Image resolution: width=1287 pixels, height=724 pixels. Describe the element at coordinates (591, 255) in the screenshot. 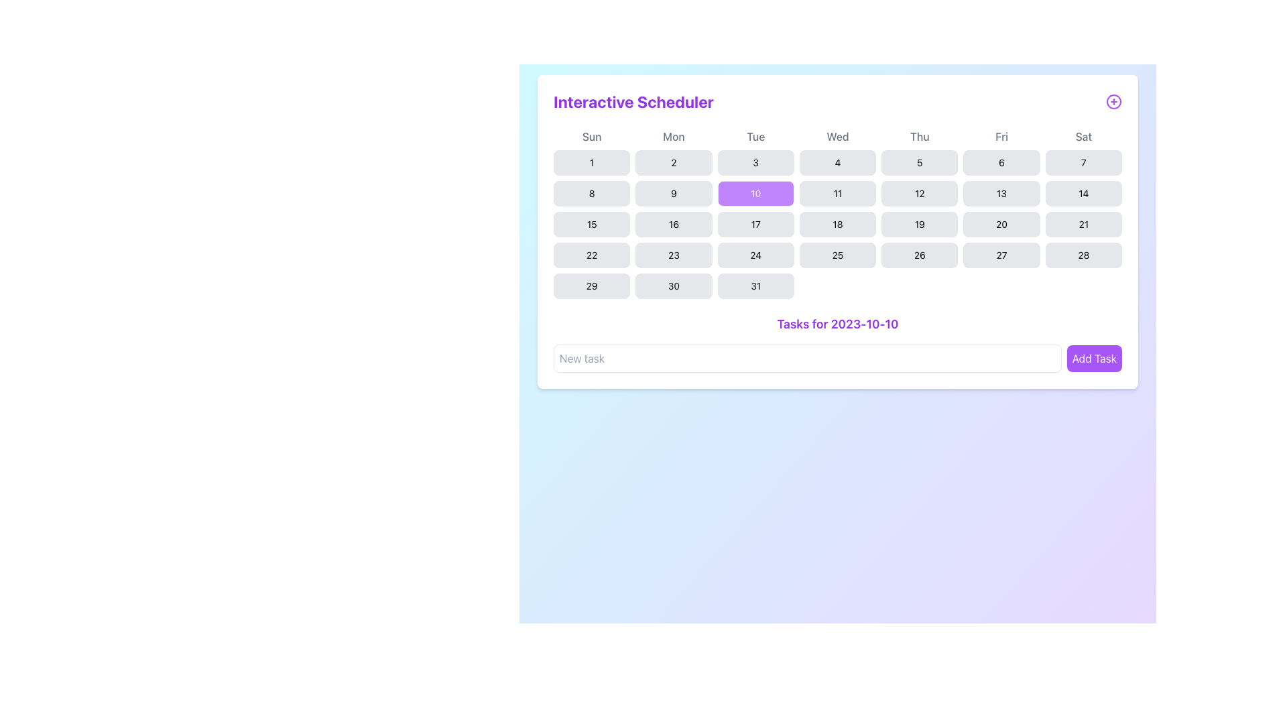

I see `the button representing a specific day in the calendar located in the fourth row, first column under the 'Sun' header` at that location.